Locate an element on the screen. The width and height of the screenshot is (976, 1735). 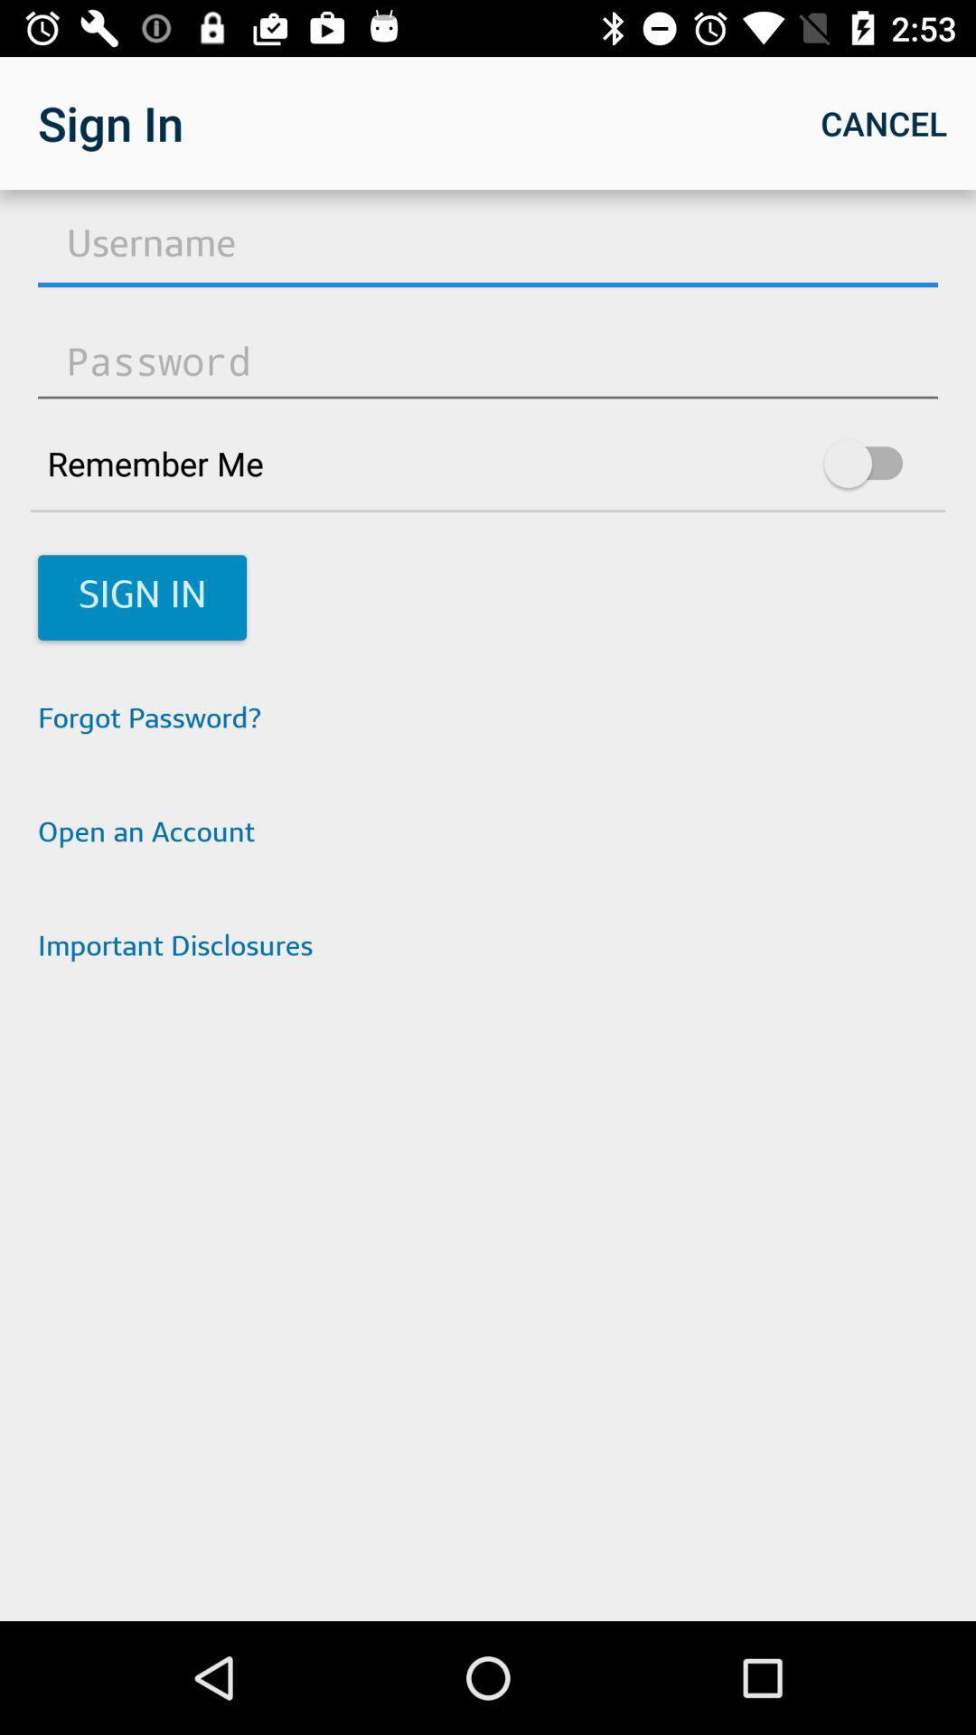
cancel icon is located at coordinates (883, 122).